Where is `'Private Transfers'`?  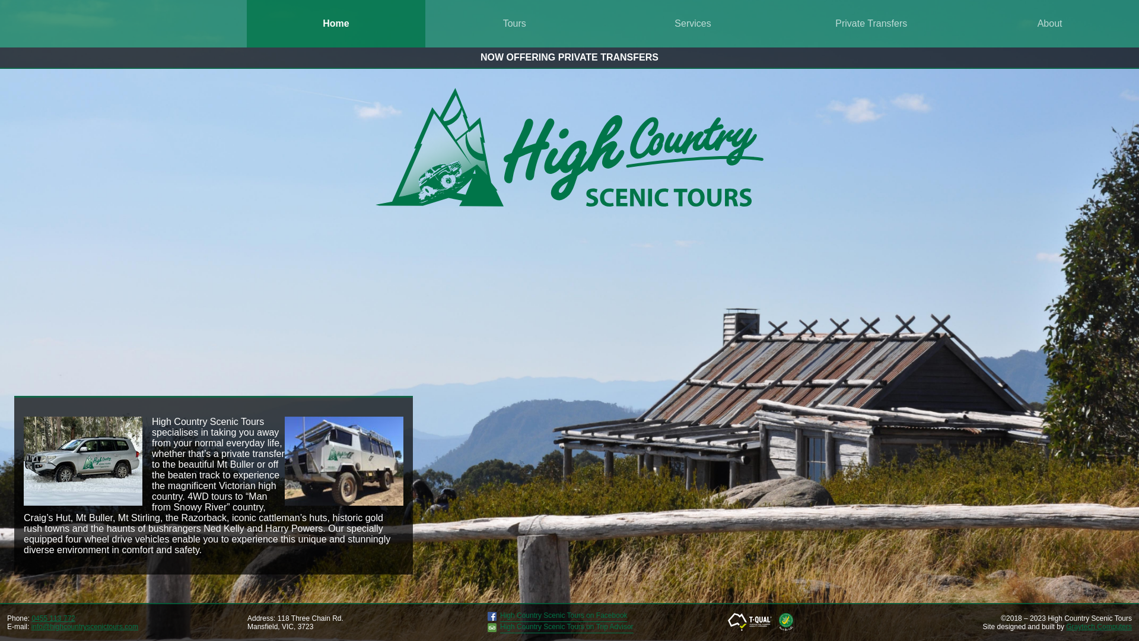 'Private Transfers' is located at coordinates (871, 23).